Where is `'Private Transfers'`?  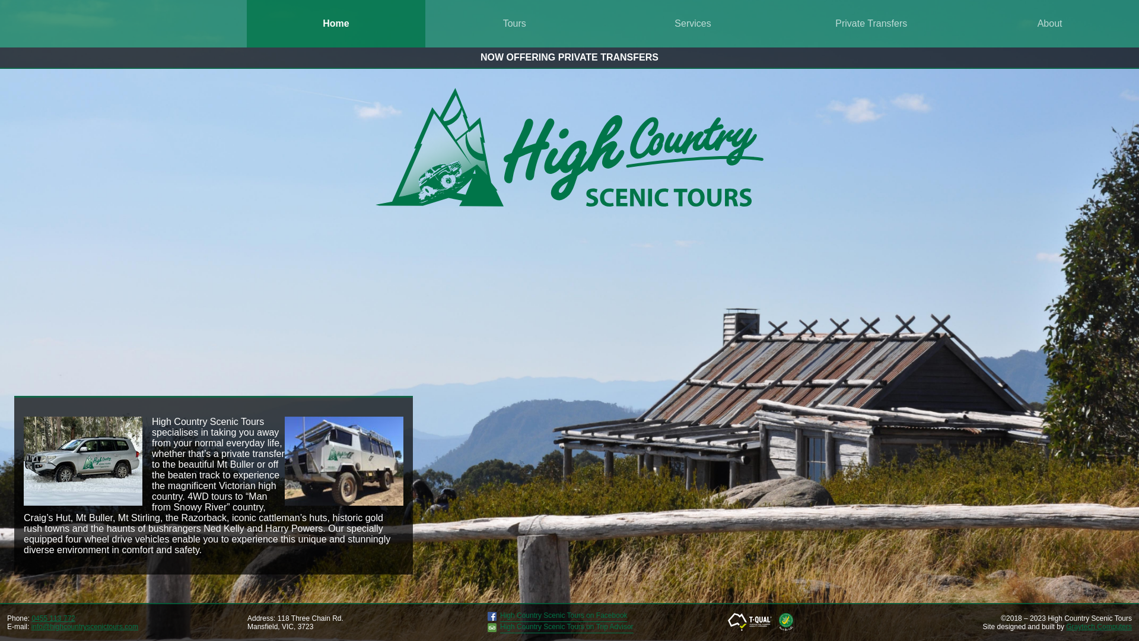 'Private Transfers' is located at coordinates (871, 23).